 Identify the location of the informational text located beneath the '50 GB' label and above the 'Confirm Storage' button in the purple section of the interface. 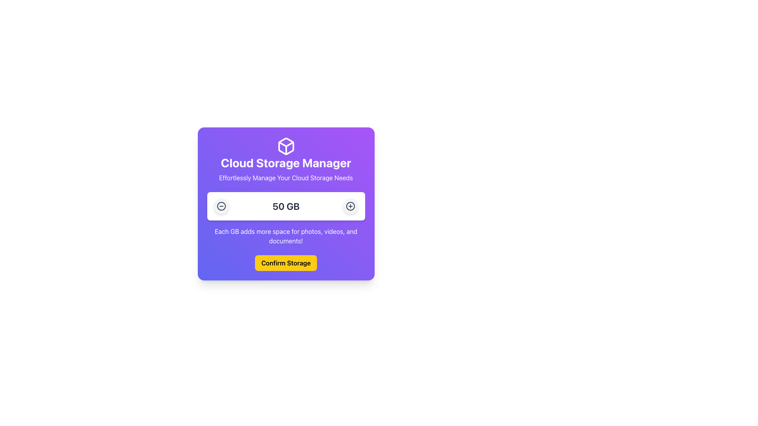
(285, 235).